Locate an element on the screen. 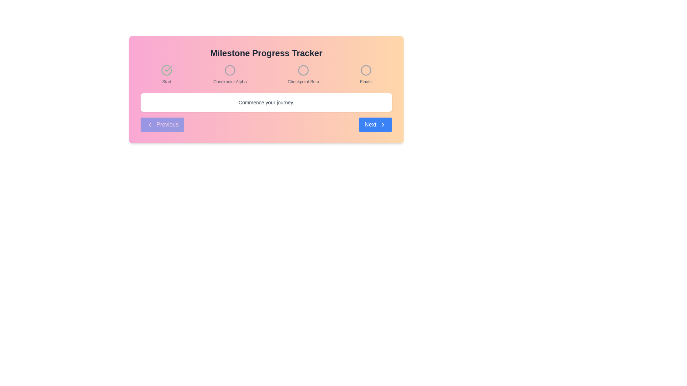  the status of the second step icon in the Milestone Progress Tracker, which visually represents the current or completed status in the progress tracker is located at coordinates (303, 70).